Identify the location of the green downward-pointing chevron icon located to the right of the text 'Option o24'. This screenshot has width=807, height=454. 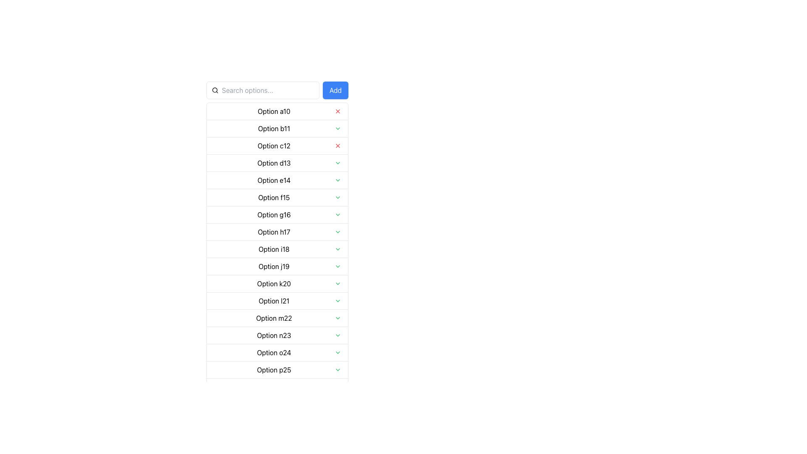
(338, 353).